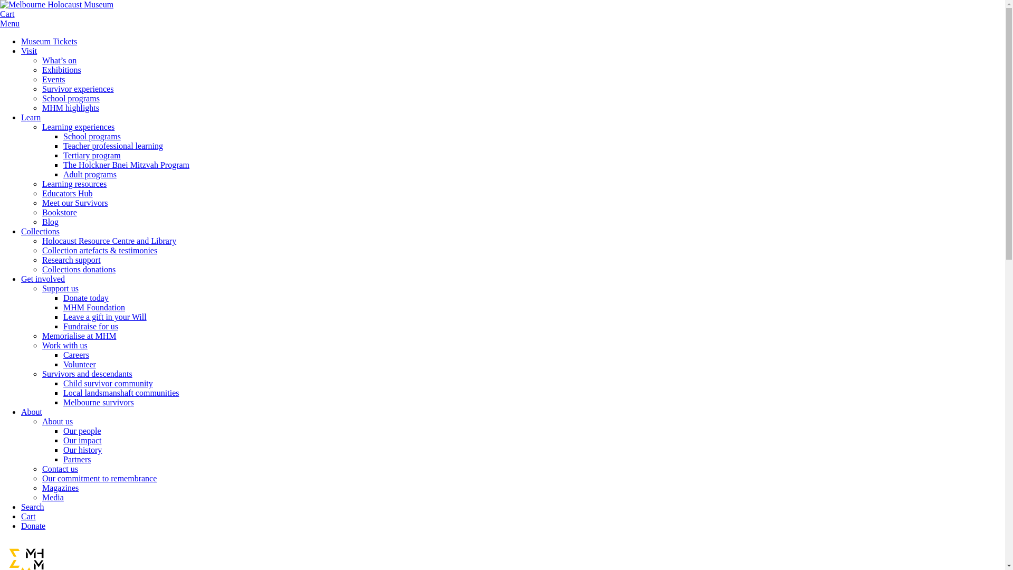 This screenshot has width=1013, height=570. I want to click on 'Holocaust Resource Centre and Library', so click(42, 241).